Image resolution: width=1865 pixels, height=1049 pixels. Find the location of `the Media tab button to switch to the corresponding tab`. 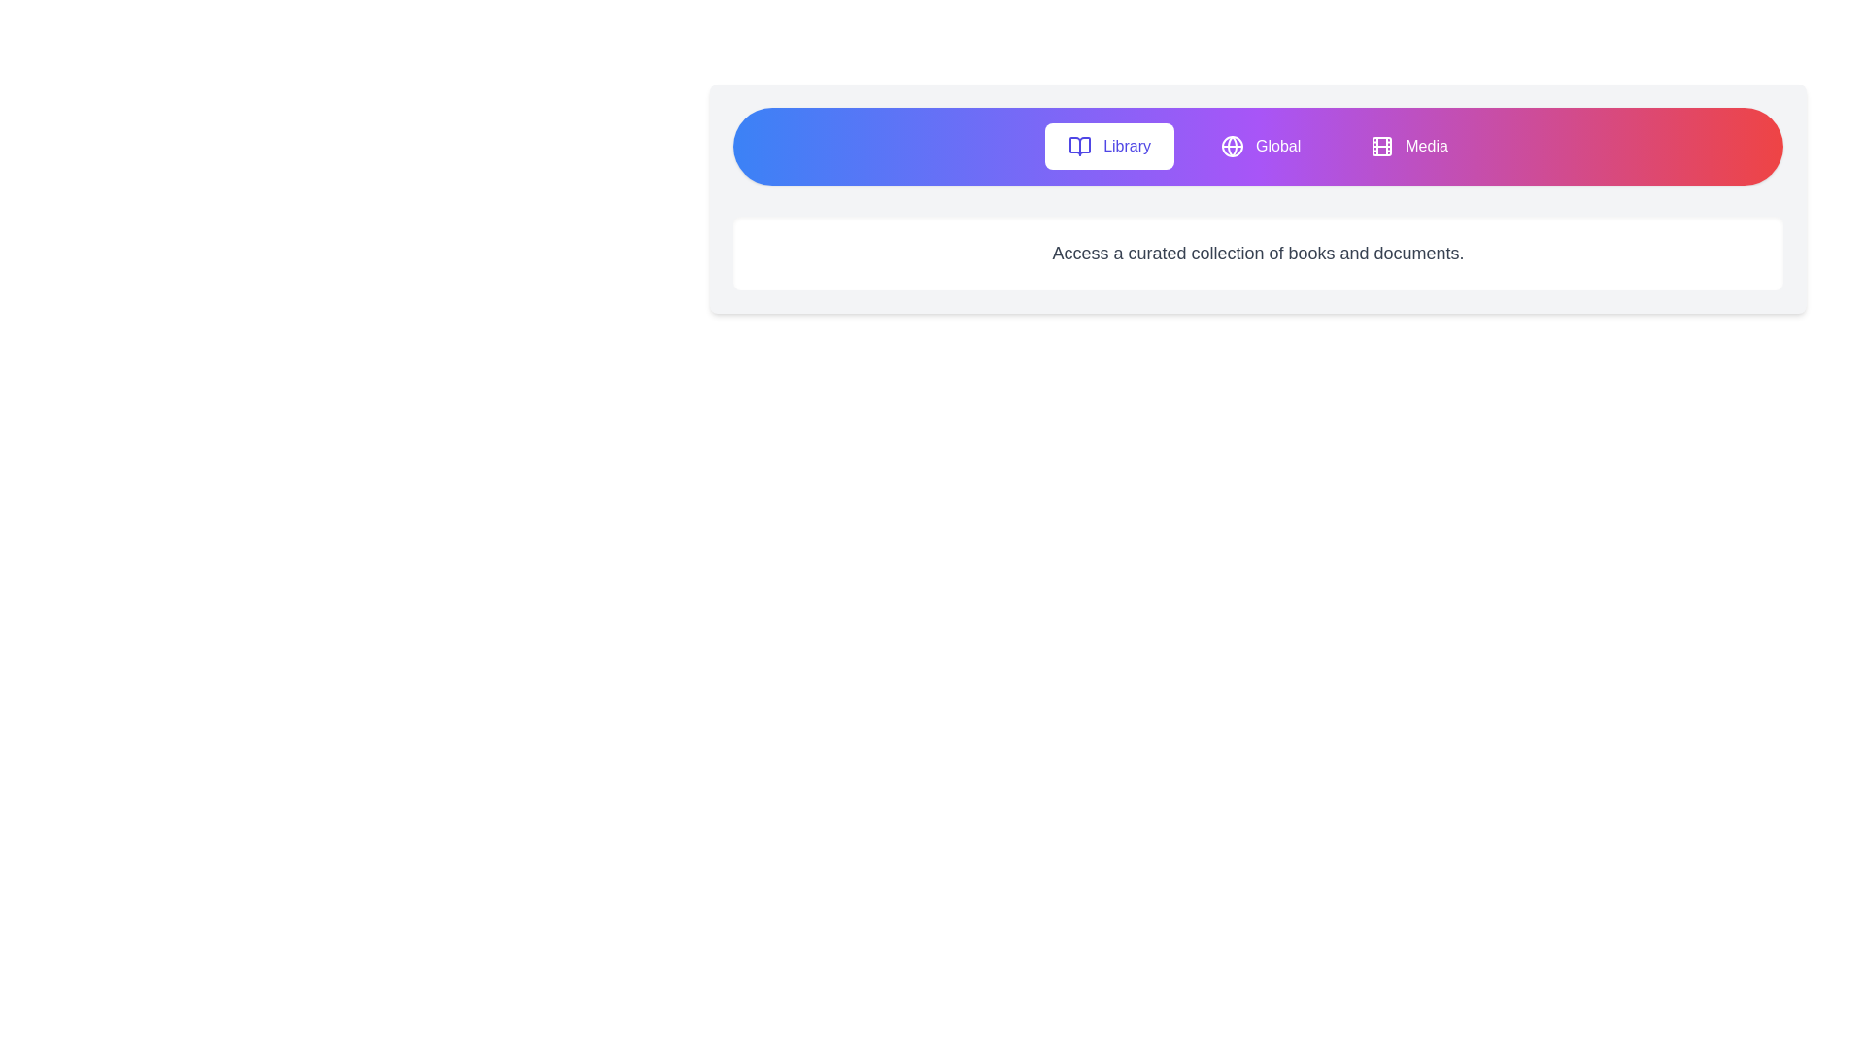

the Media tab button to switch to the corresponding tab is located at coordinates (1409, 145).